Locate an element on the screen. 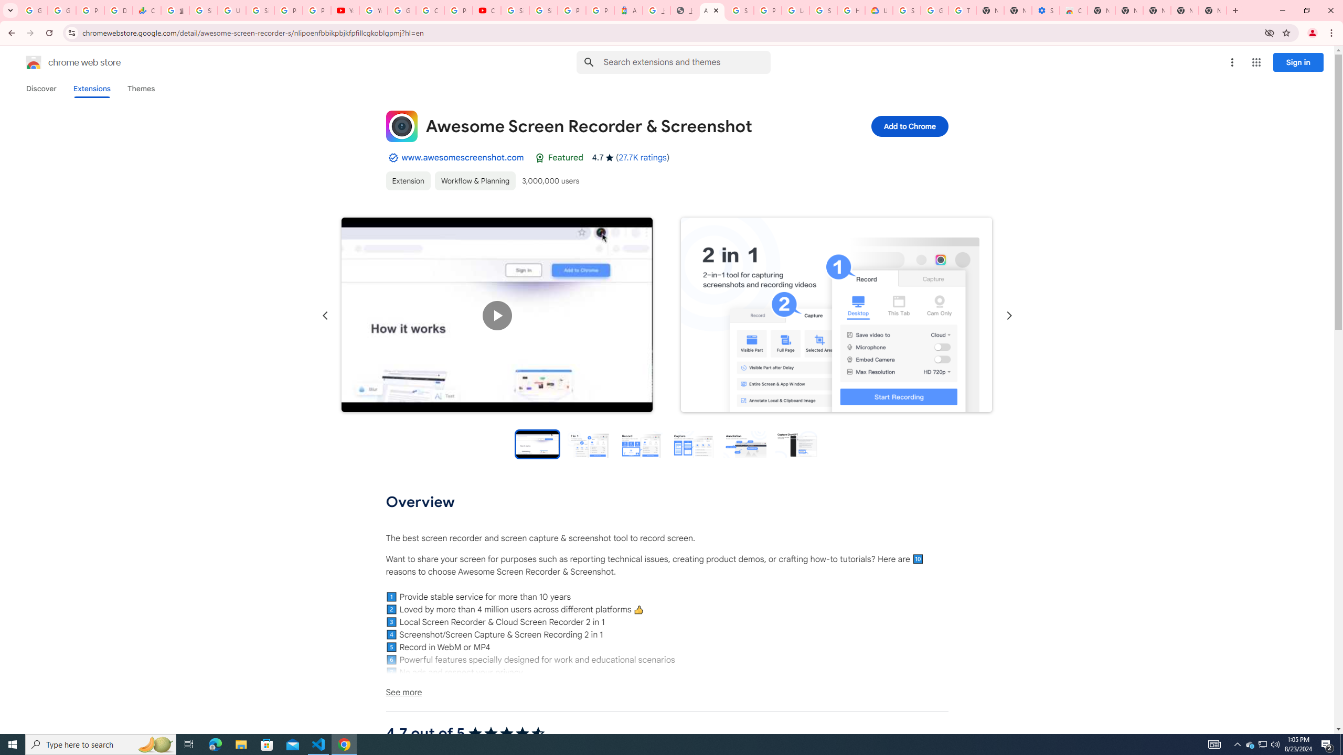  'Next slide' is located at coordinates (1008, 315).